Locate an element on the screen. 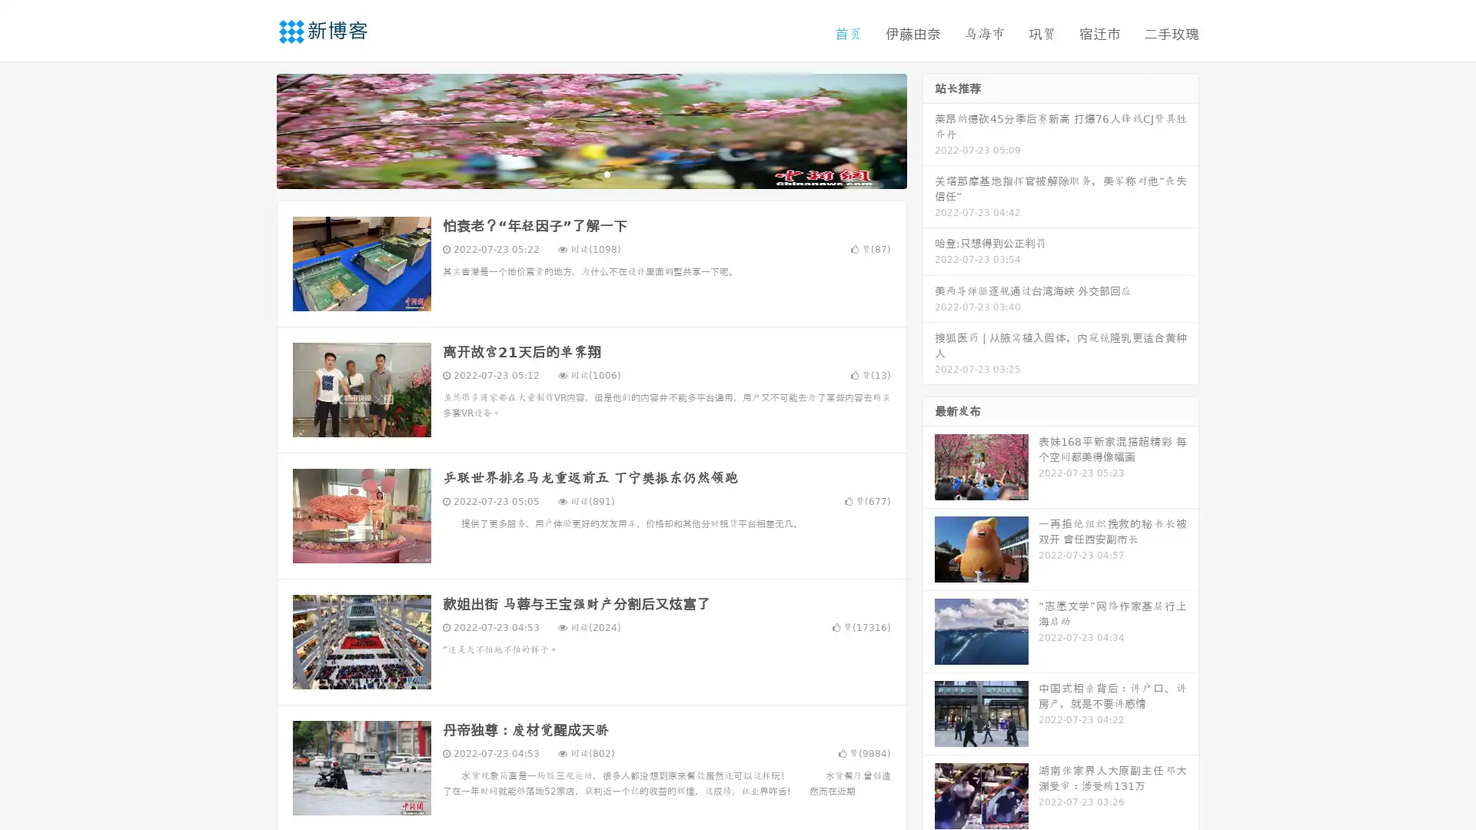  Next slide is located at coordinates (929, 129).